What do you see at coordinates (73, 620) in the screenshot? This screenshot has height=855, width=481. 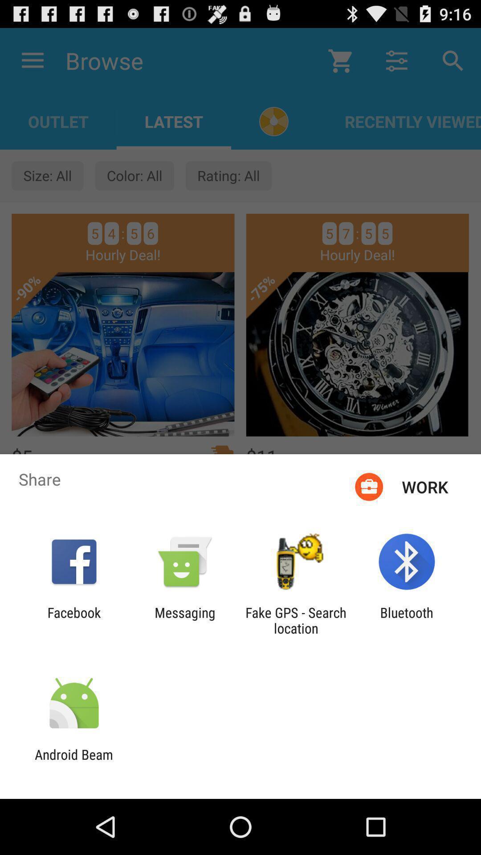 I see `the facebook app` at bounding box center [73, 620].